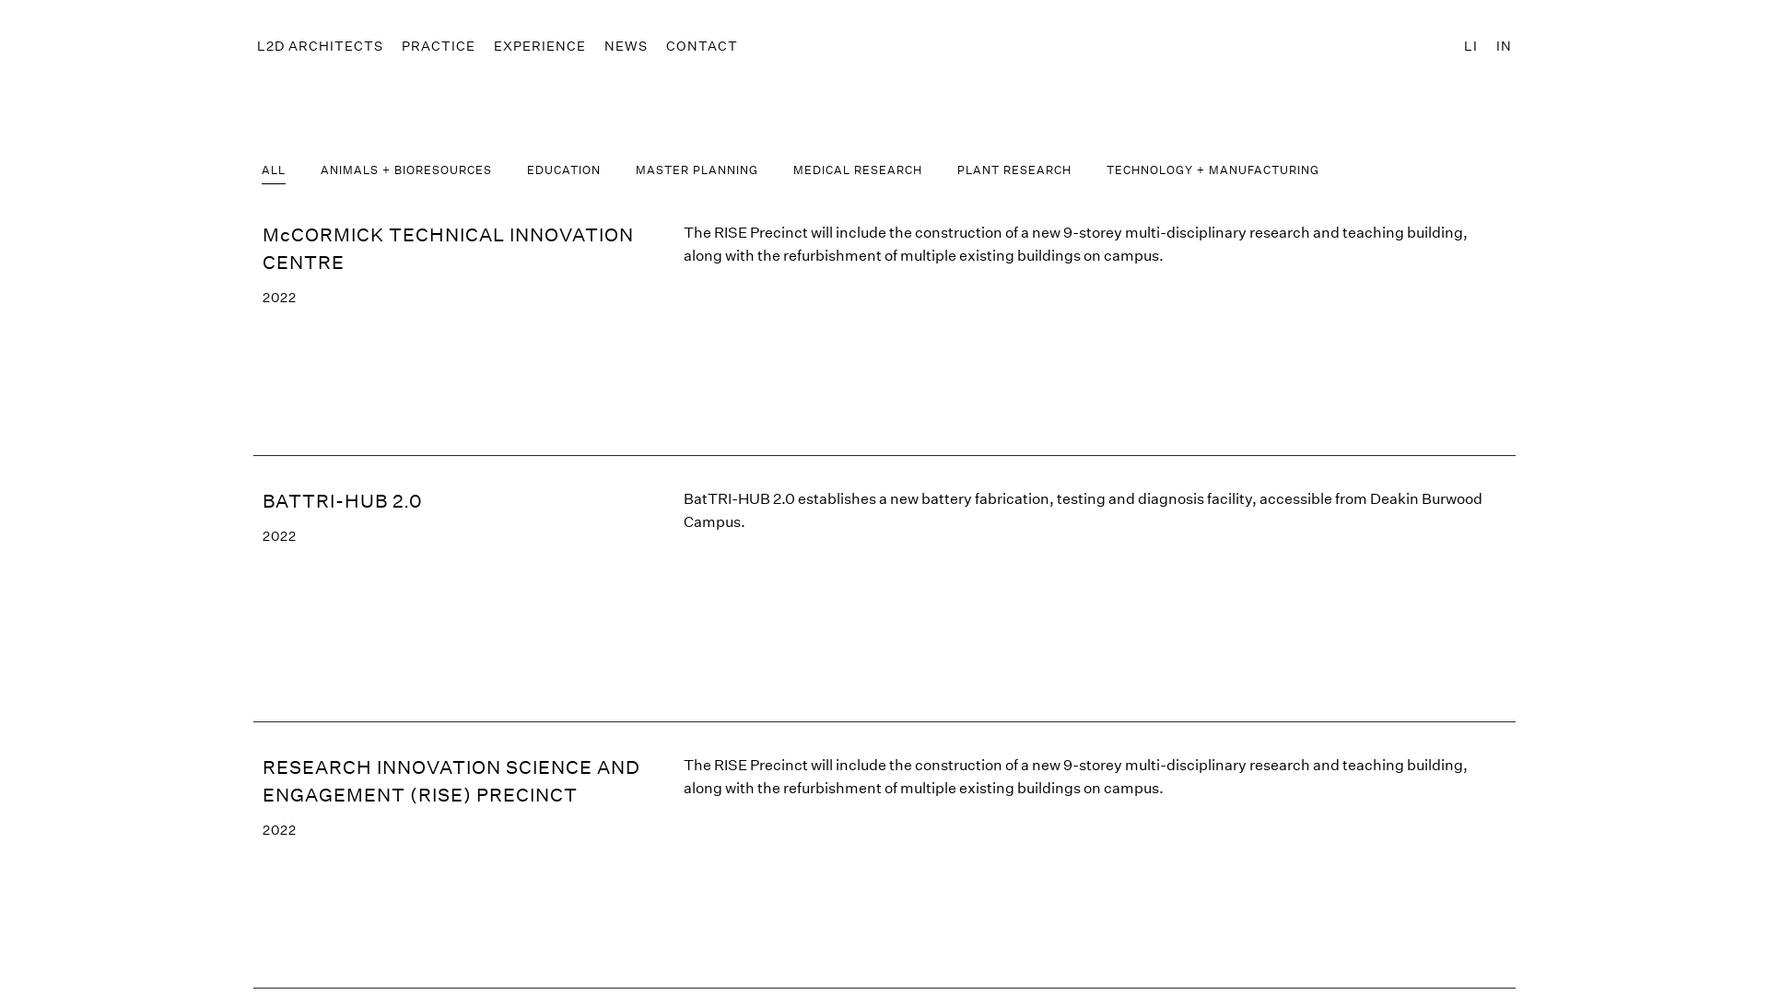 This screenshot has height=995, width=1769. I want to click on 'PRACTICE', so click(437, 45).